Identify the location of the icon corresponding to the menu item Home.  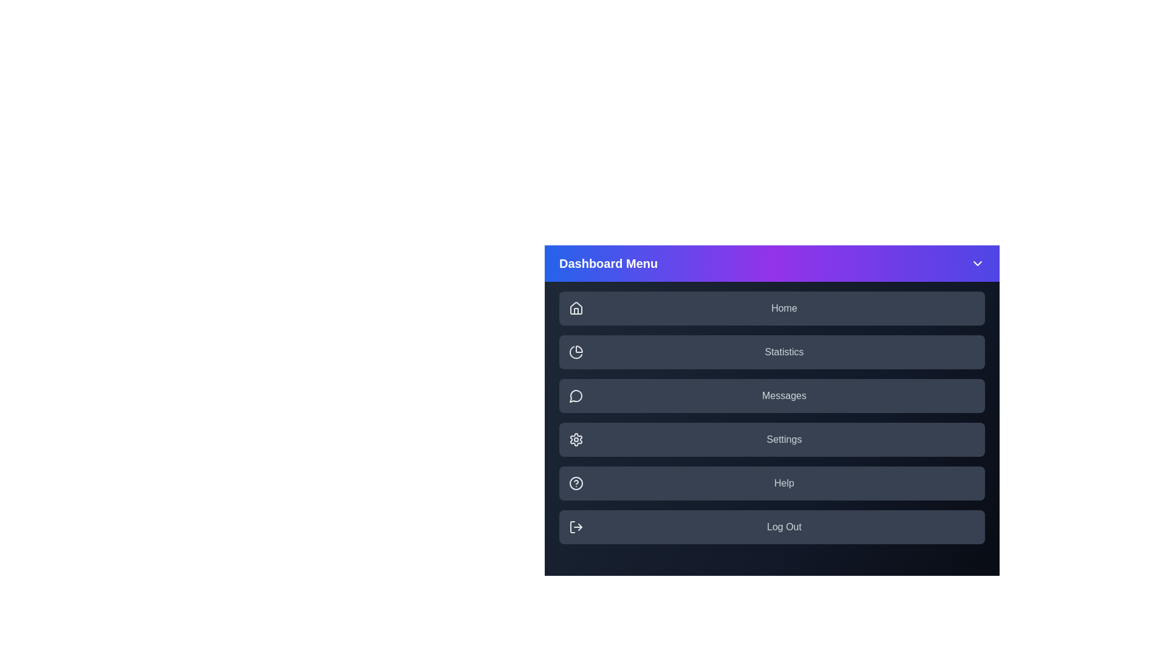
(576, 308).